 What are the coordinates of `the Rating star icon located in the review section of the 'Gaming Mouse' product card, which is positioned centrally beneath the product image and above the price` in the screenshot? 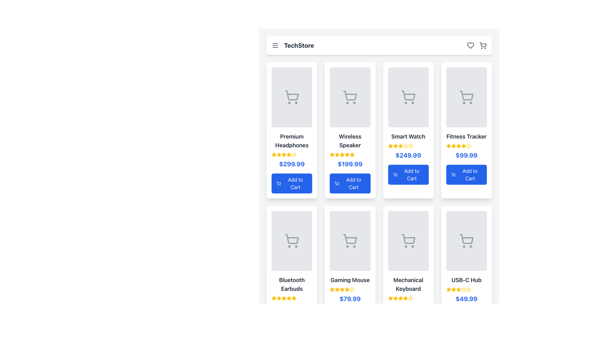 It's located at (332, 289).